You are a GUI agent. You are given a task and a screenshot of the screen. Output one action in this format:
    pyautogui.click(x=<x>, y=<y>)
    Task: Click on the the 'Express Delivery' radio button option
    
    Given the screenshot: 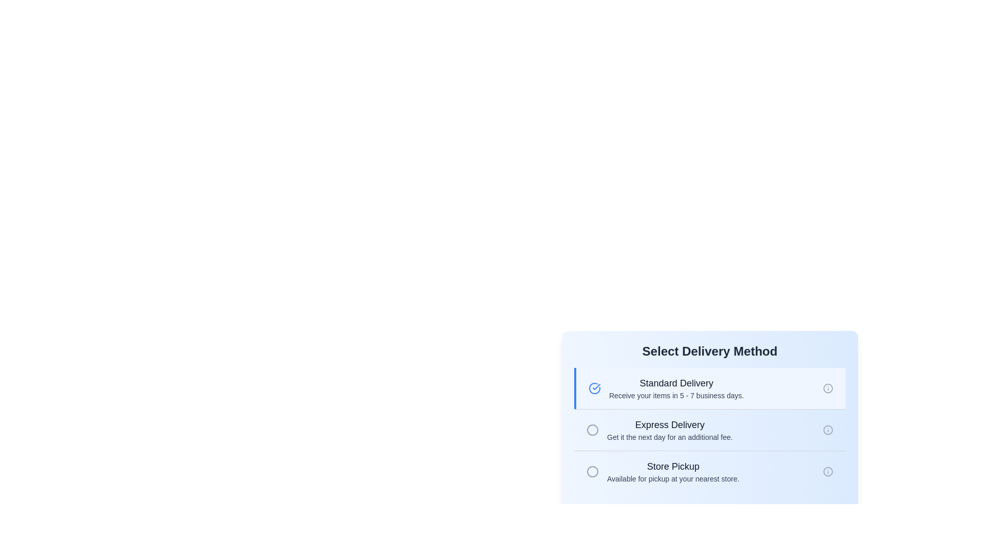 What is the action you would take?
    pyautogui.click(x=709, y=430)
    